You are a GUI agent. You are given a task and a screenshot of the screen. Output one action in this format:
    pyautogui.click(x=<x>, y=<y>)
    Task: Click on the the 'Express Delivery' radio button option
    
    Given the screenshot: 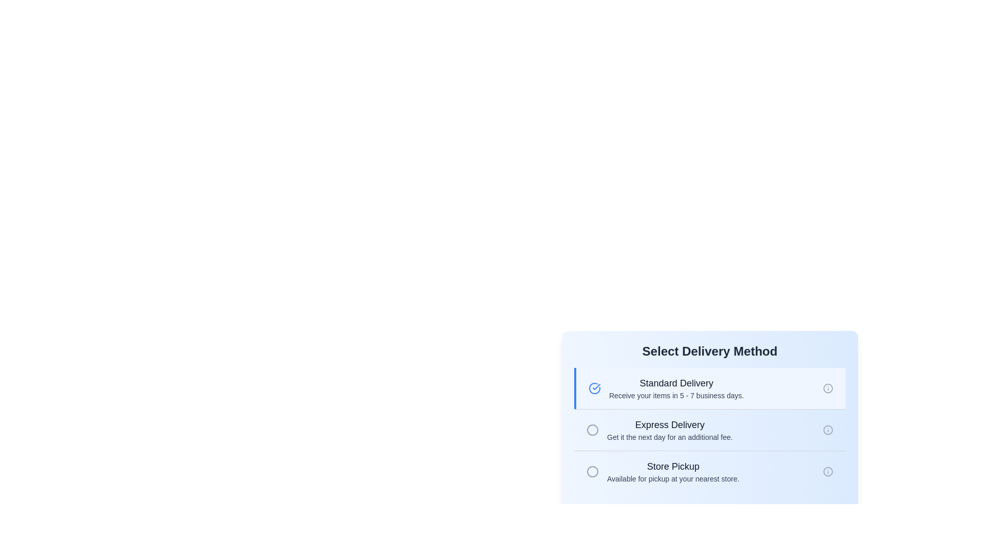 What is the action you would take?
    pyautogui.click(x=709, y=430)
    